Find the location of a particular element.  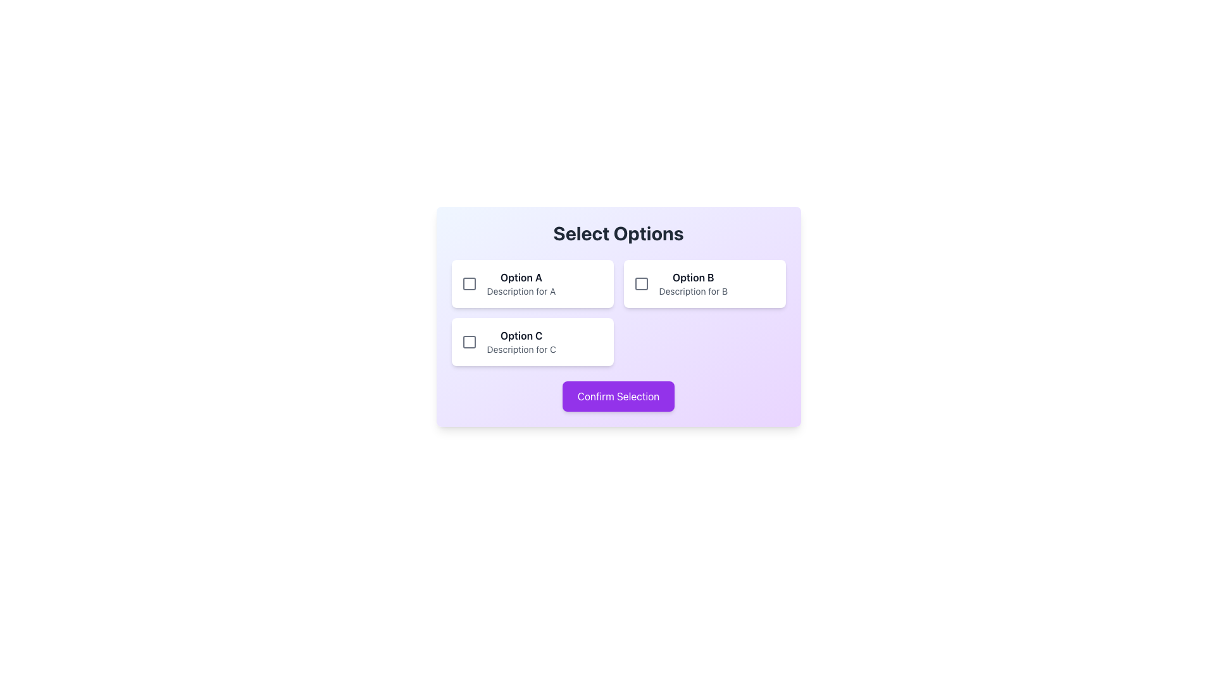

the text label 'Option B' which is styled in bold and dark text, located on the right side of the interface above its description is located at coordinates (692, 277).